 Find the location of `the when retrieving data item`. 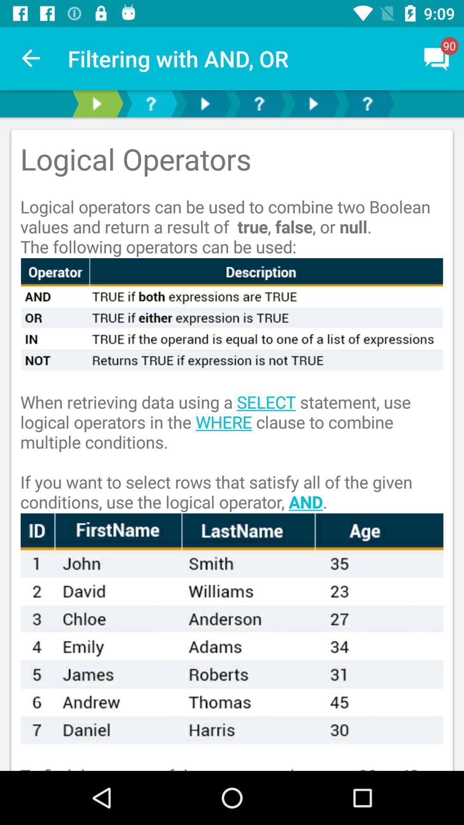

the when retrieving data item is located at coordinates (232, 442).